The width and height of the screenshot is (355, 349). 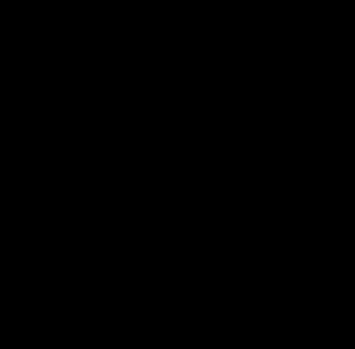 What do you see at coordinates (183, 122) in the screenshot?
I see `'"We've worked with Valerie and her team for ten years. Always professional, pro-active, and creative. Highly recommend!"'` at bounding box center [183, 122].